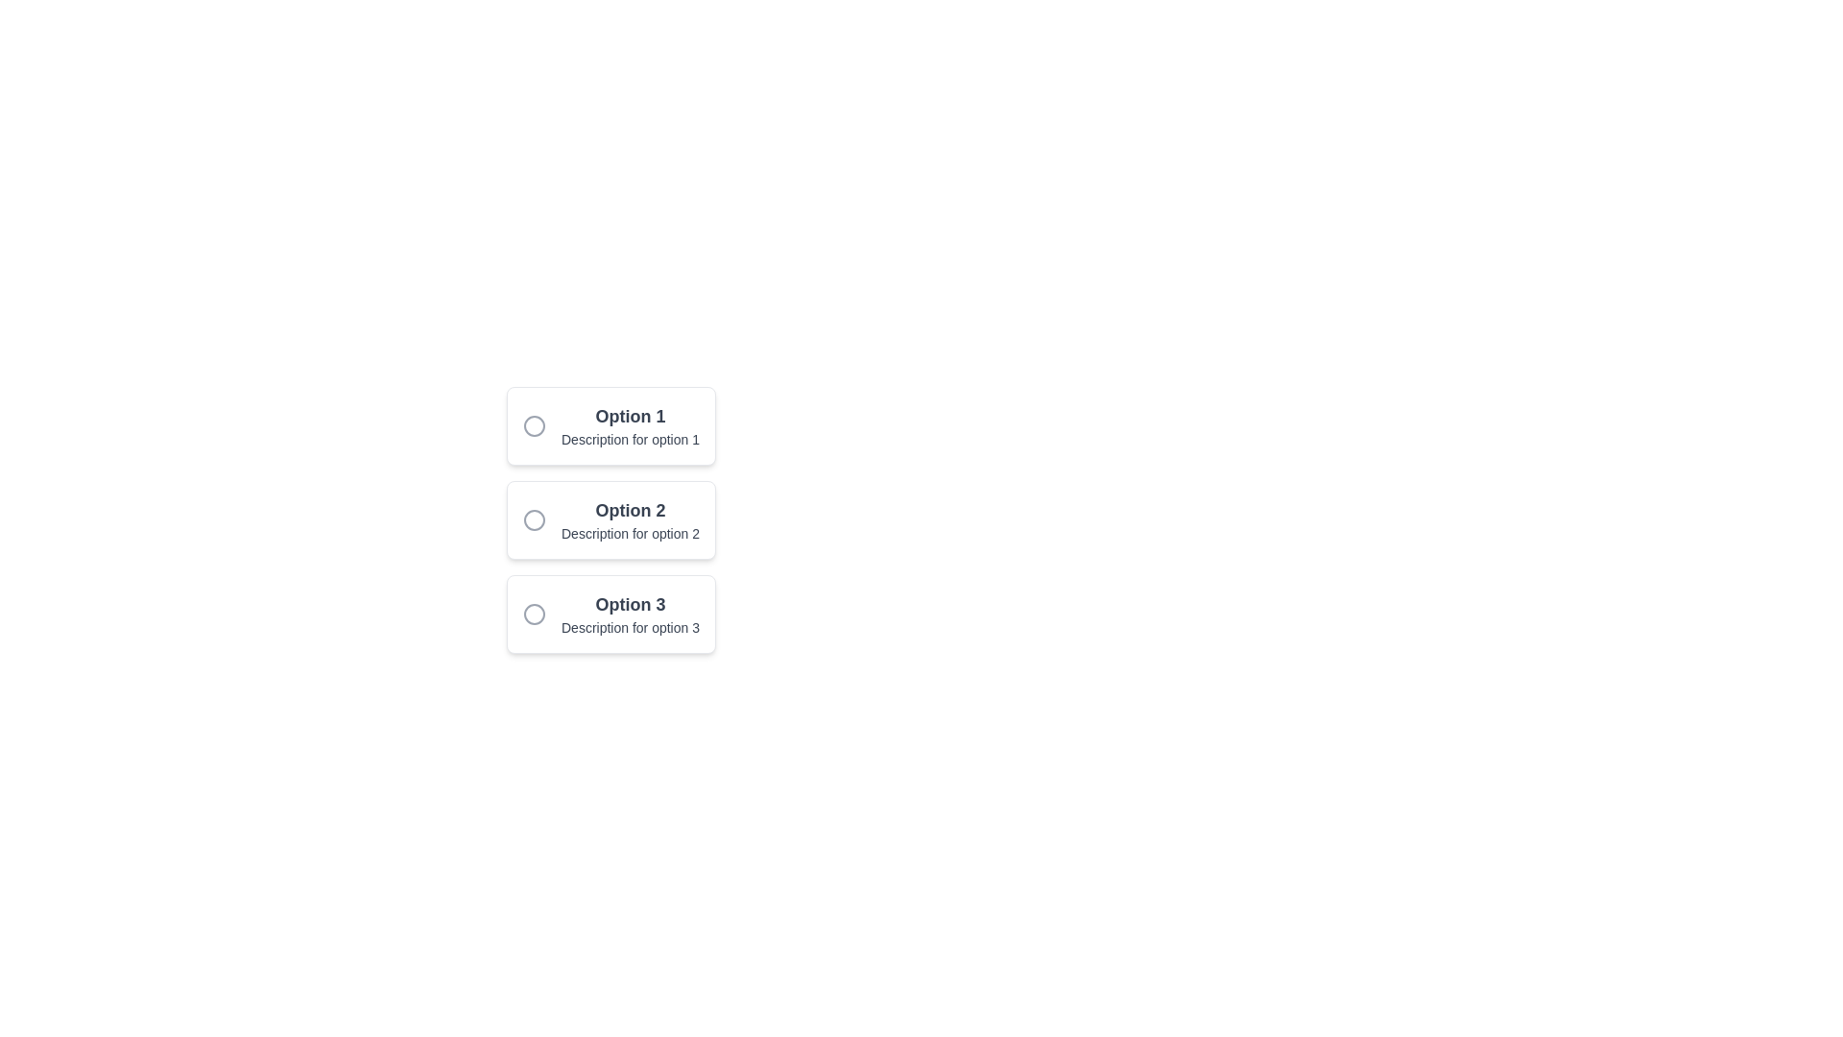  Describe the element at coordinates (534, 520) in the screenshot. I see `the center of the circular selection marker icon for 'Option 2'` at that location.